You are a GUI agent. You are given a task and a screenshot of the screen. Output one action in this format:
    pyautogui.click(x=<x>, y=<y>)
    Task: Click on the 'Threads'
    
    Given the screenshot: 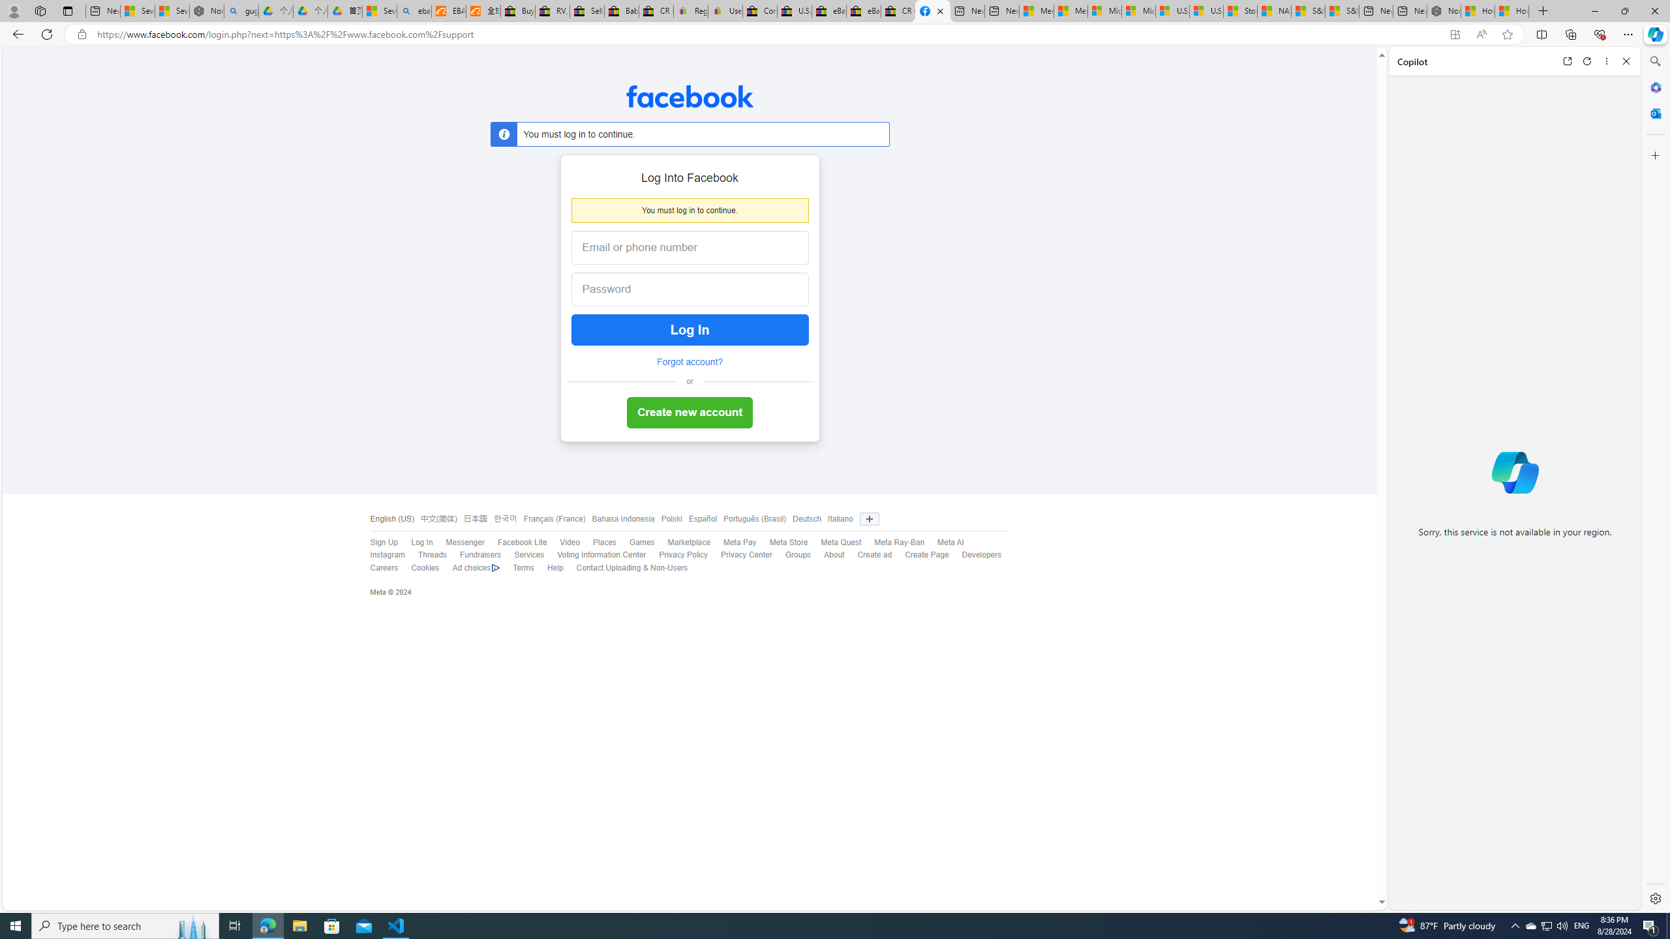 What is the action you would take?
    pyautogui.click(x=433, y=554)
    